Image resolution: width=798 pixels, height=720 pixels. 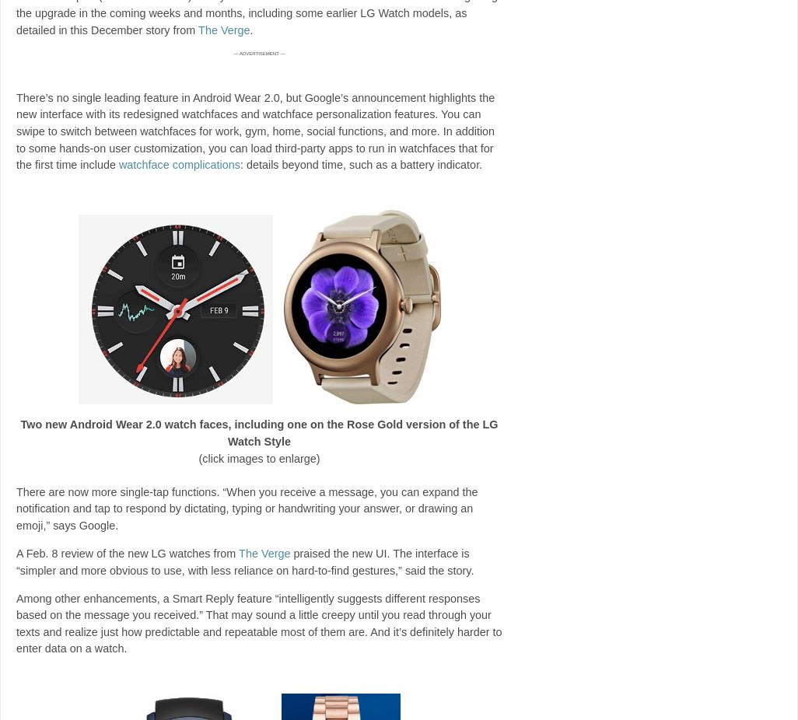 I want to click on '— ADVERTISEMENT —', so click(x=259, y=51).